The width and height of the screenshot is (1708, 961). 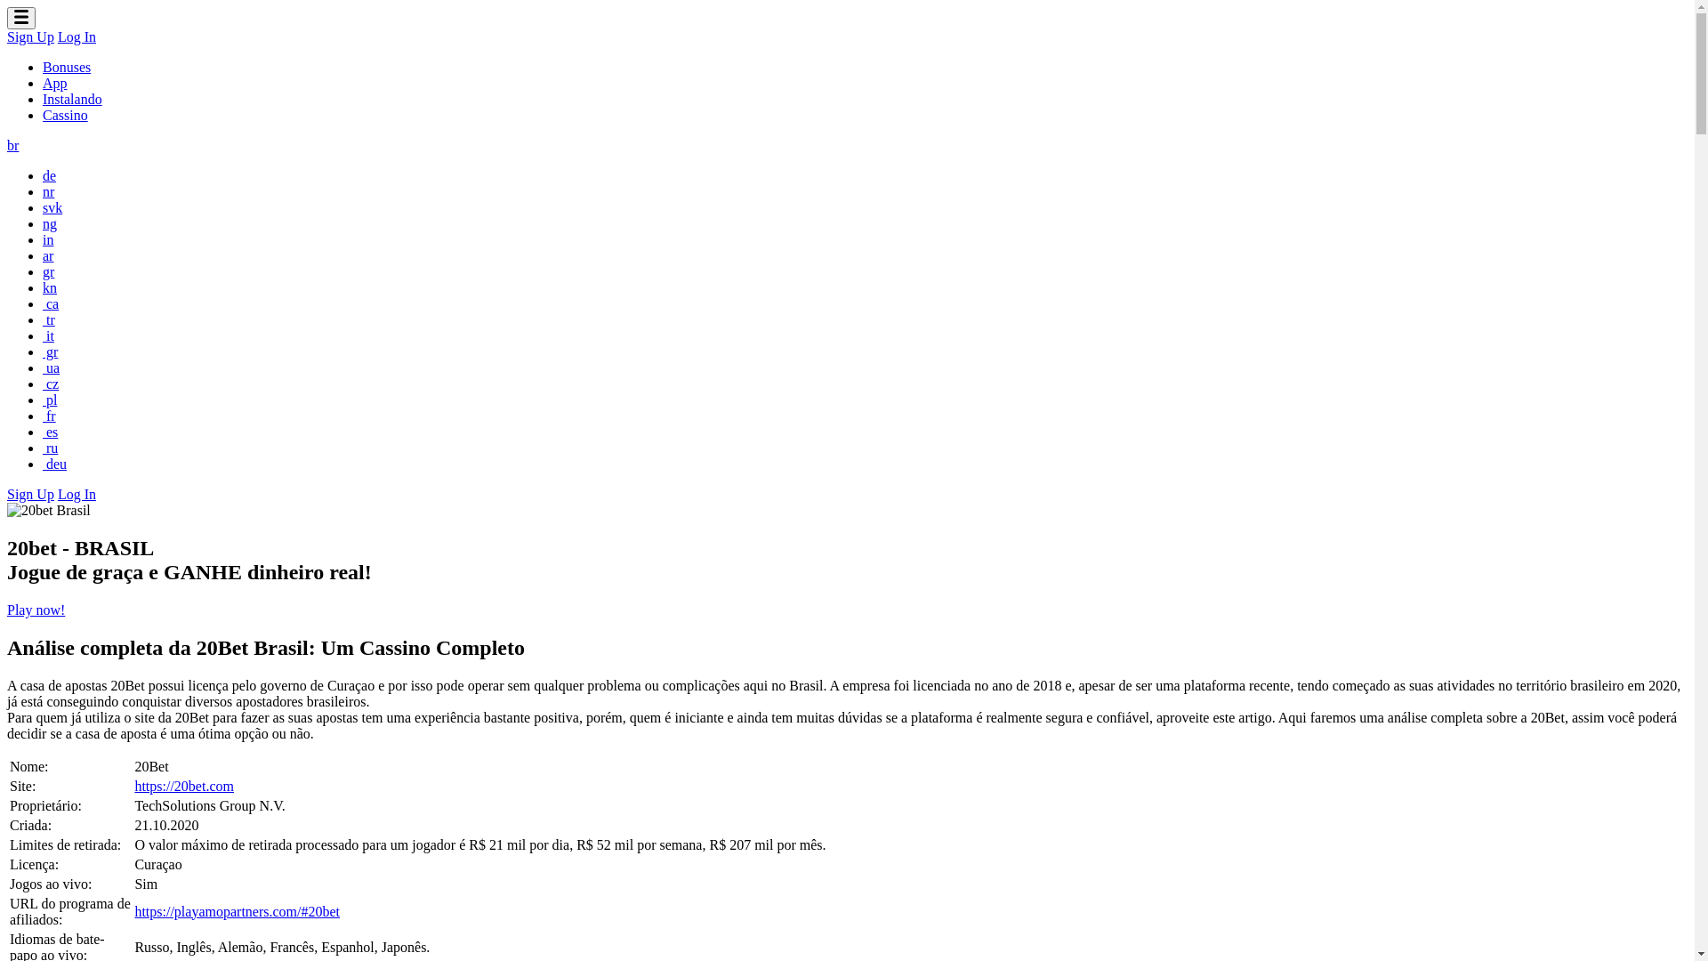 I want to click on 'ng', so click(x=43, y=222).